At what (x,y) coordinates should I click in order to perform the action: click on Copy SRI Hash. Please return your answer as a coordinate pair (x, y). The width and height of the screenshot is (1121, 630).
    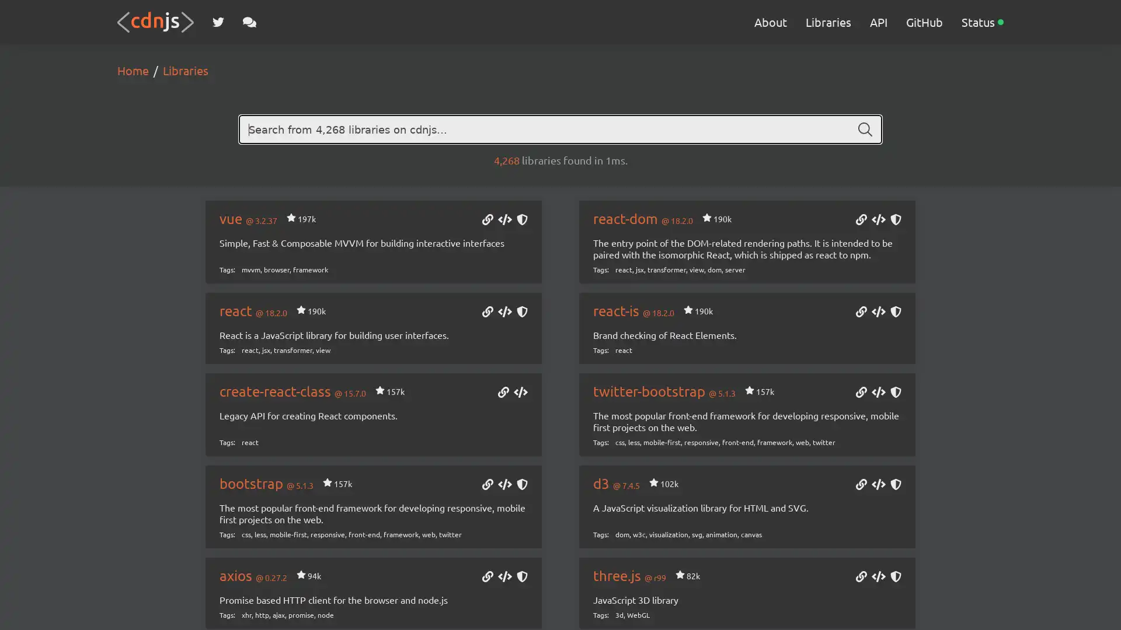
    Looking at the image, I should click on (521, 312).